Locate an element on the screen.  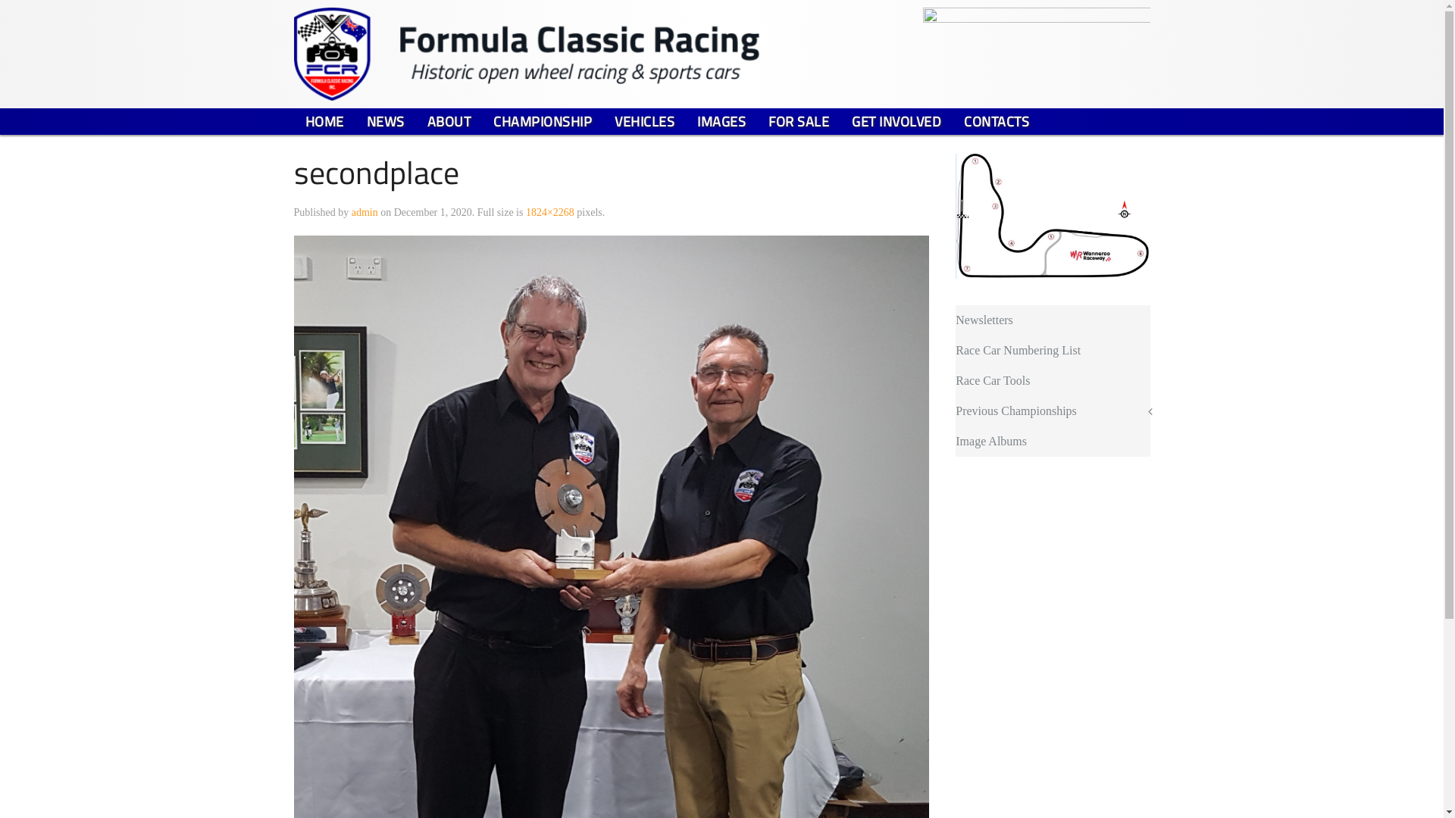
'VEHICLES' is located at coordinates (644, 120).